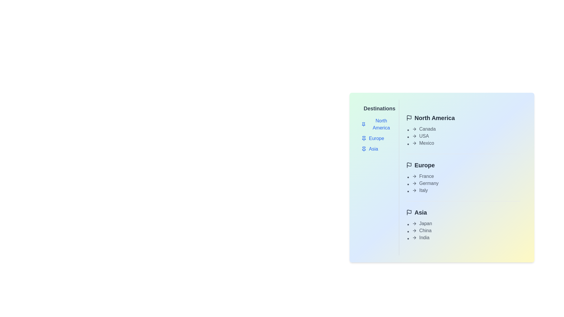  I want to click on the right-pointing arrow icon located next to the word 'Mexico' under the 'North America' section, so click(415, 143).